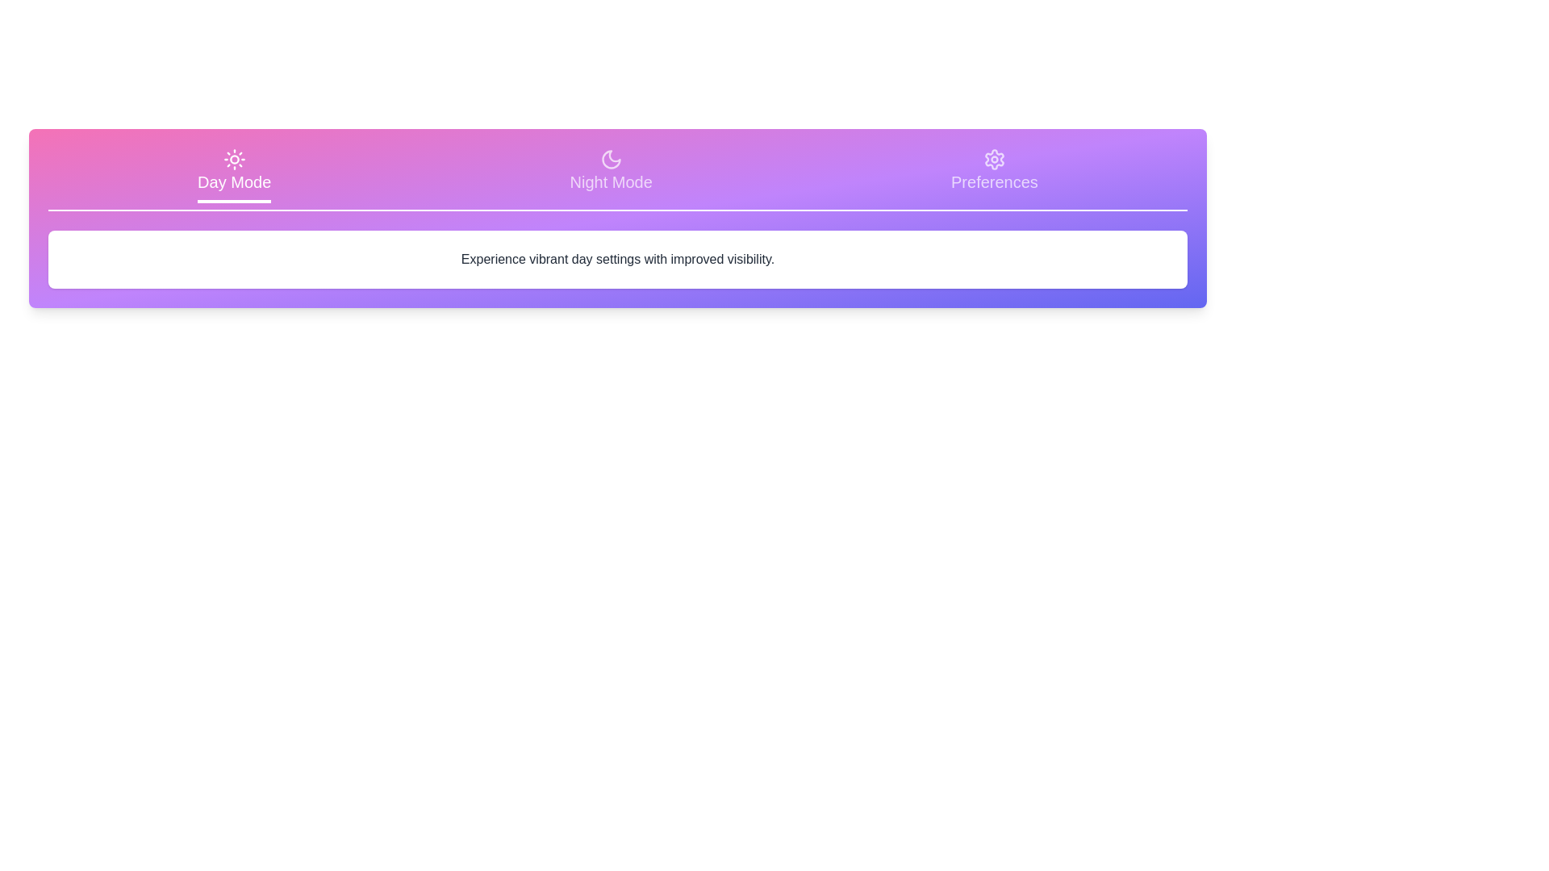 This screenshot has width=1549, height=871. What do you see at coordinates (610, 176) in the screenshot?
I see `the tab corresponding to Night Mode` at bounding box center [610, 176].